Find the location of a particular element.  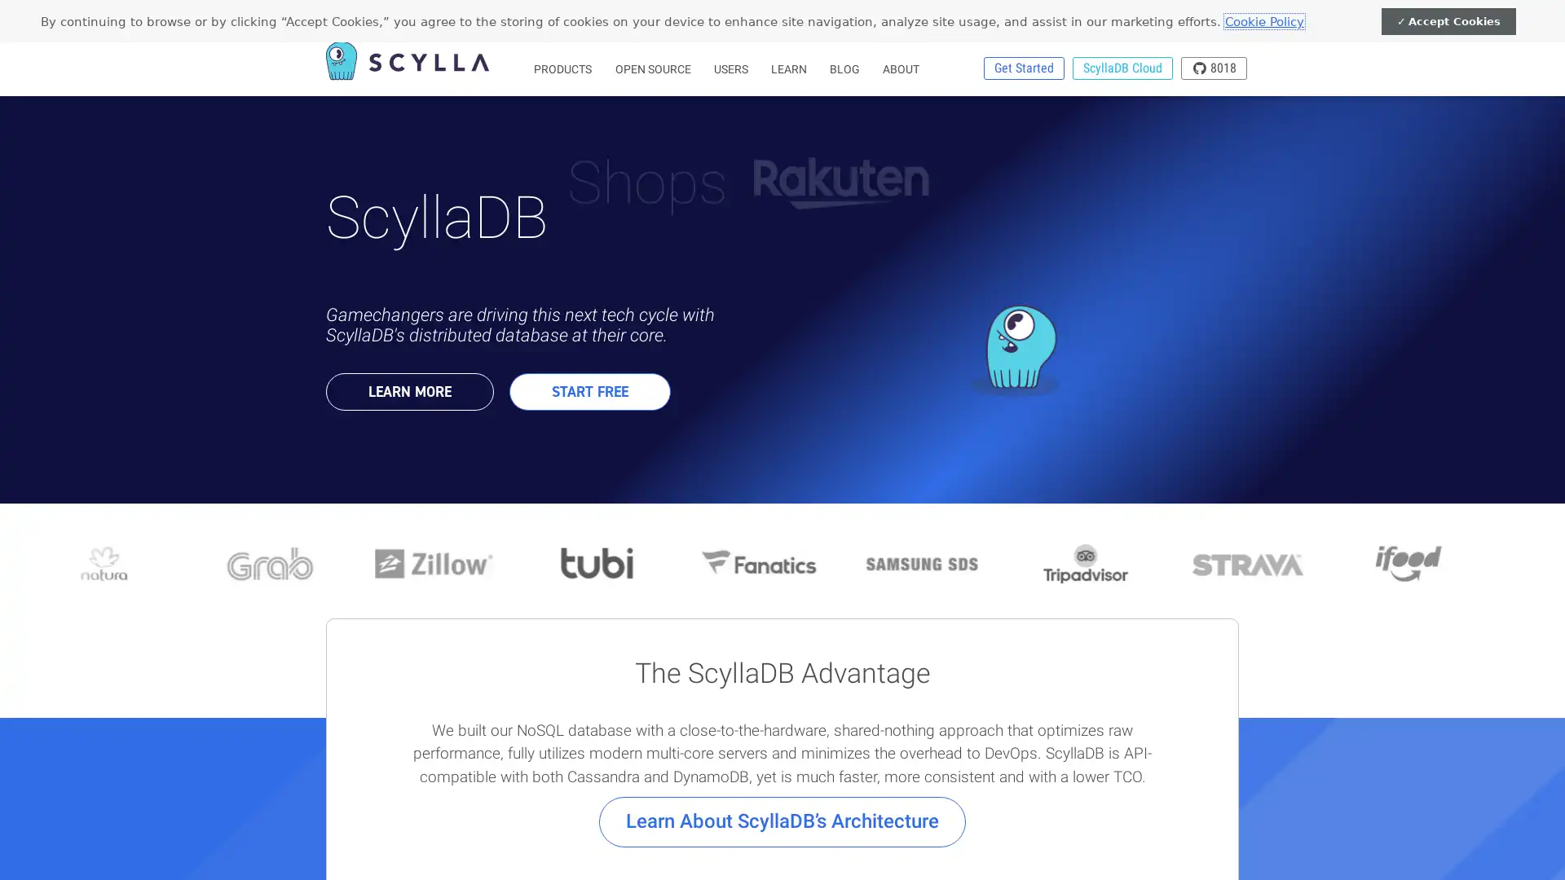

Learn About ScyllaDBs Architecture is located at coordinates (782, 822).